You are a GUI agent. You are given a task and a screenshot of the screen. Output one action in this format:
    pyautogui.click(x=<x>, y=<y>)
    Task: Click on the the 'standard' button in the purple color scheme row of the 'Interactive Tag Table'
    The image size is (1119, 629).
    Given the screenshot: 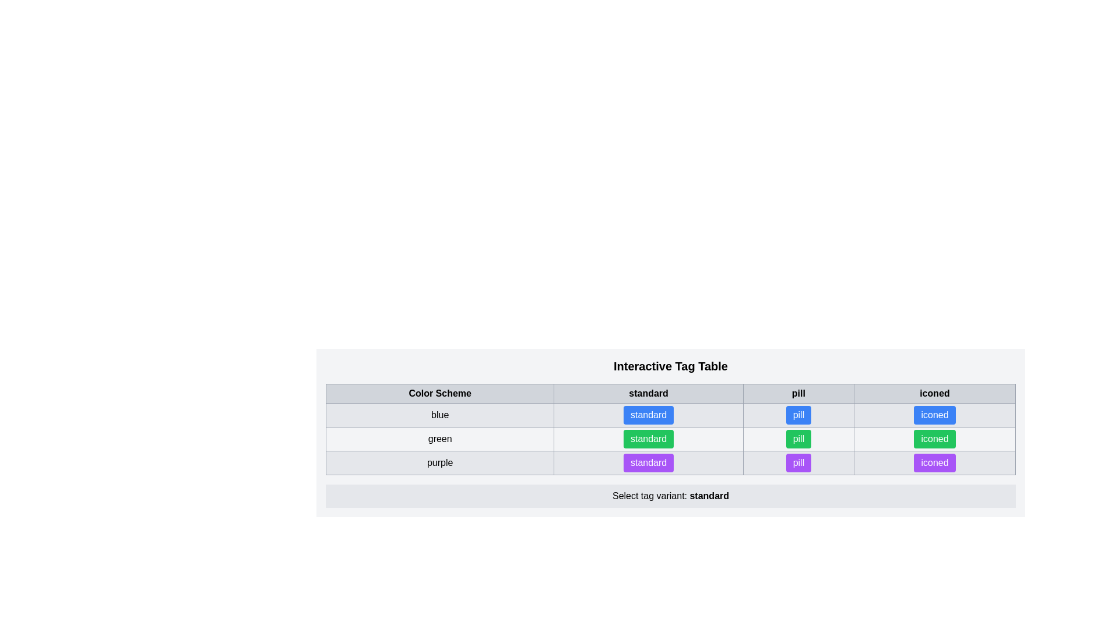 What is the action you would take?
    pyautogui.click(x=648, y=462)
    